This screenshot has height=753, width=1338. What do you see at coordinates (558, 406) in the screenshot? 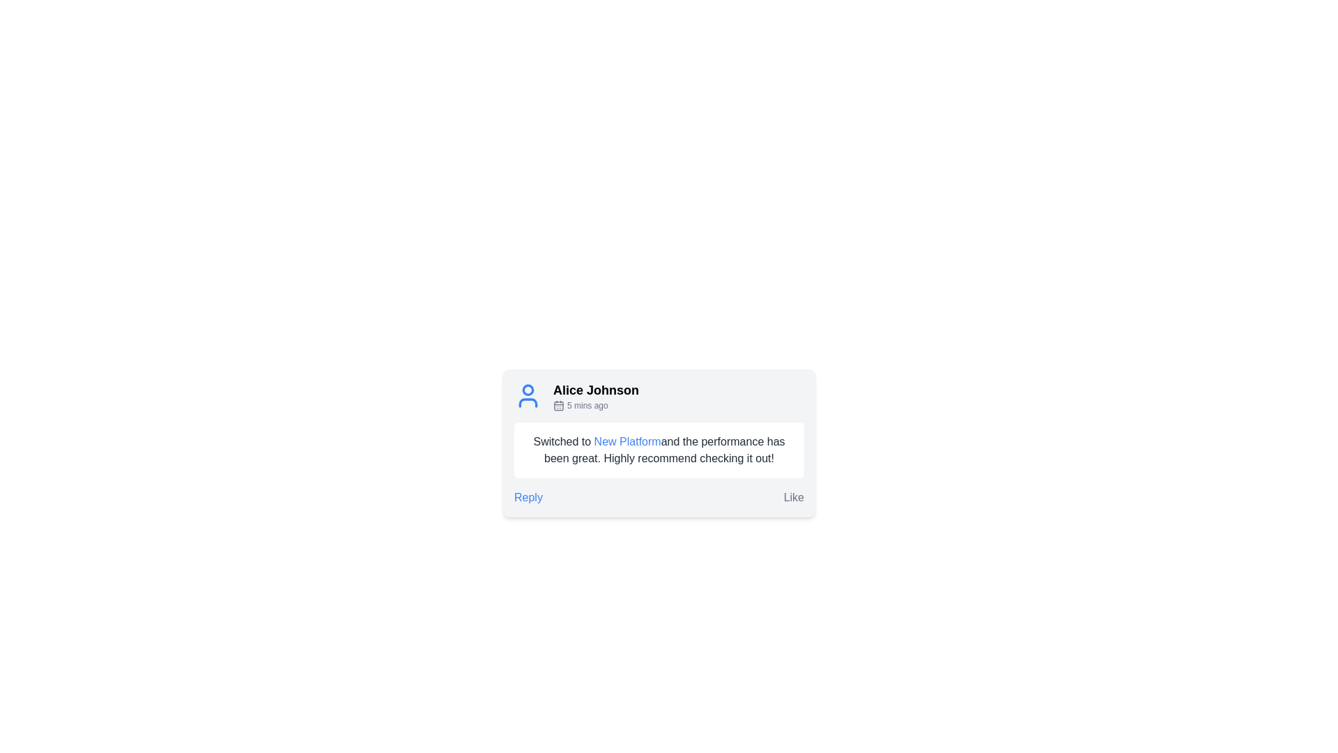
I see `the time/date icon located to the left of the '5 mins ago' text in the comment card interface` at bounding box center [558, 406].